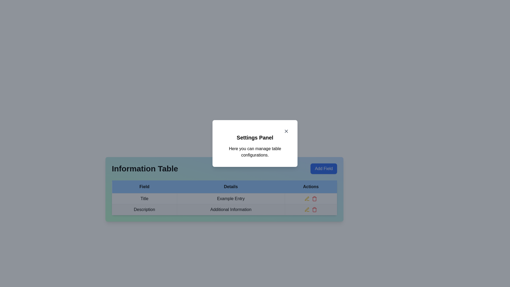 The width and height of the screenshot is (510, 287). Describe the element at coordinates (255, 152) in the screenshot. I see `the static text element that provides guidance about managing table configurations in the 'Settings Panel' dialog box, located beneath the title text` at that location.